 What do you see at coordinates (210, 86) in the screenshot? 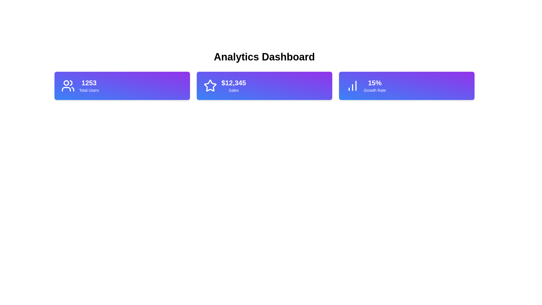
I see `the central icon within the second metric card labeled '$12,345 Sales' on the dashboard` at bounding box center [210, 86].